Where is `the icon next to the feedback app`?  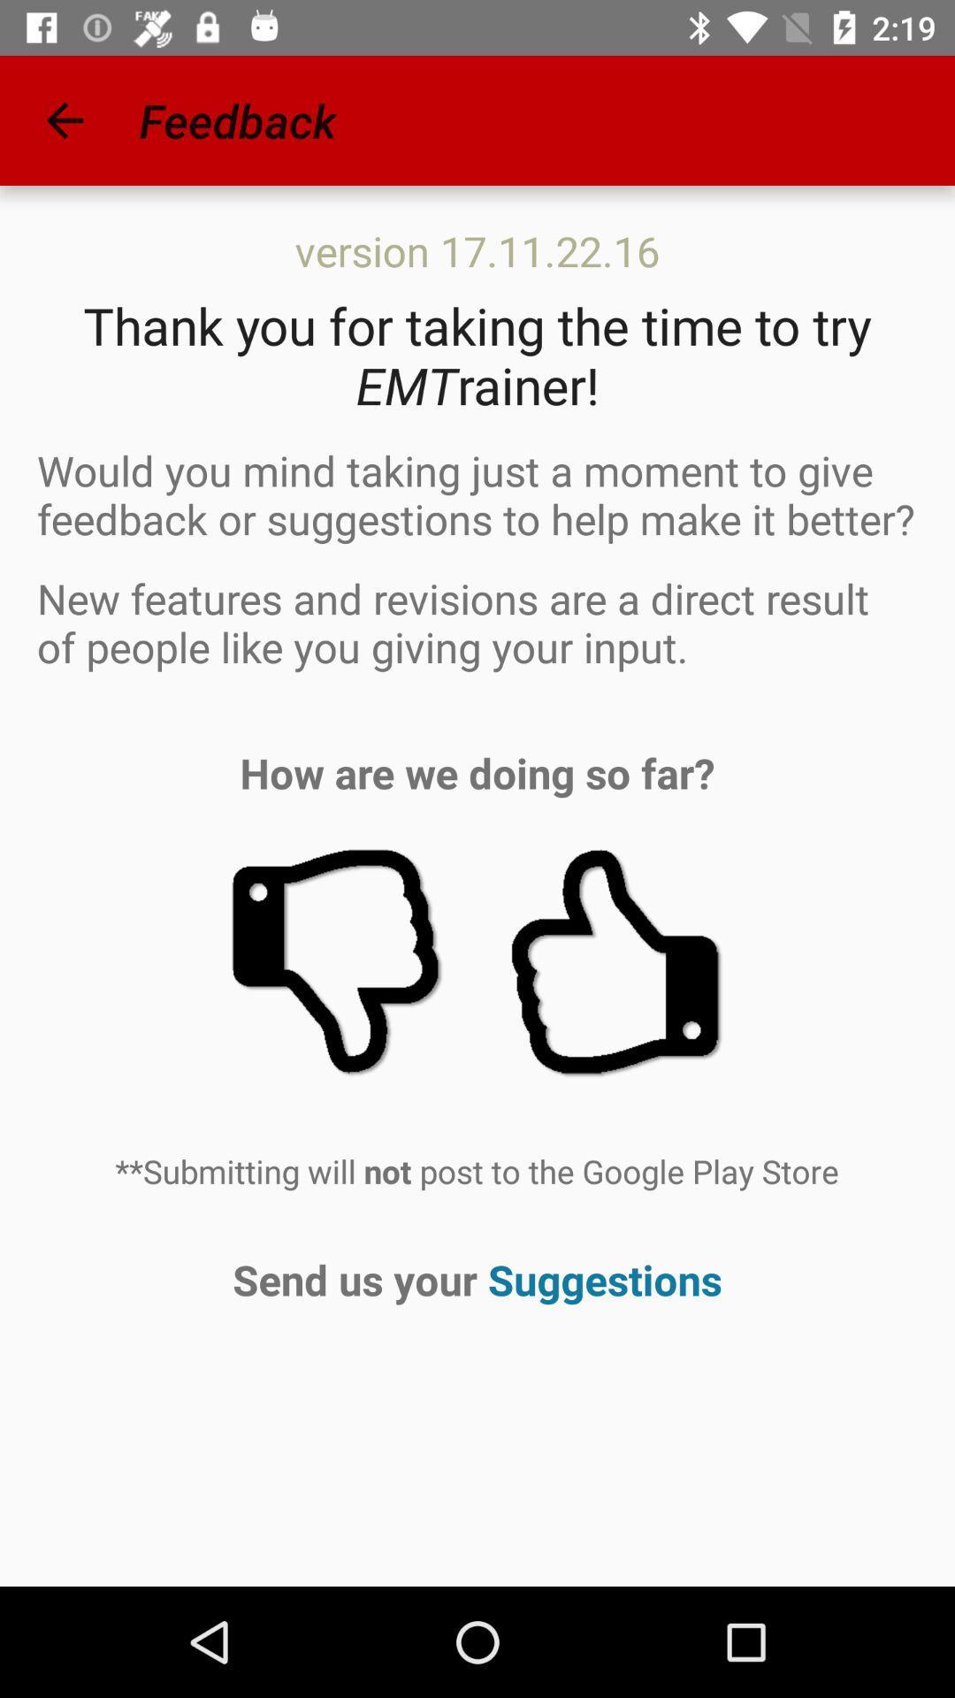
the icon next to the feedback app is located at coordinates (64, 119).